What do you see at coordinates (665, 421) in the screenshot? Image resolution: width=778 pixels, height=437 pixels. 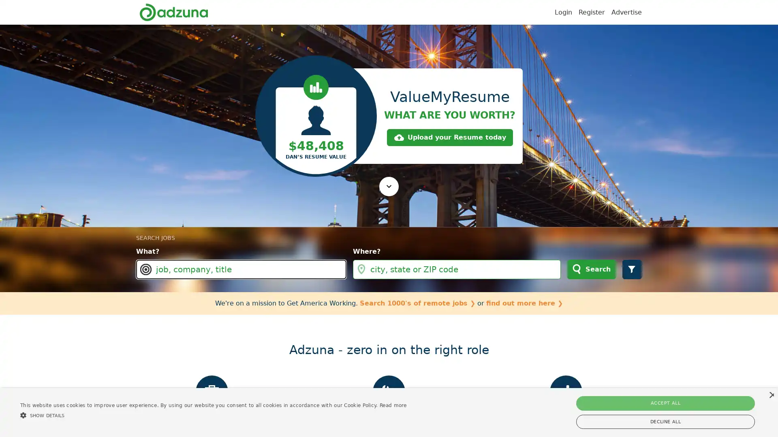 I see `DECLINE ALL` at bounding box center [665, 421].